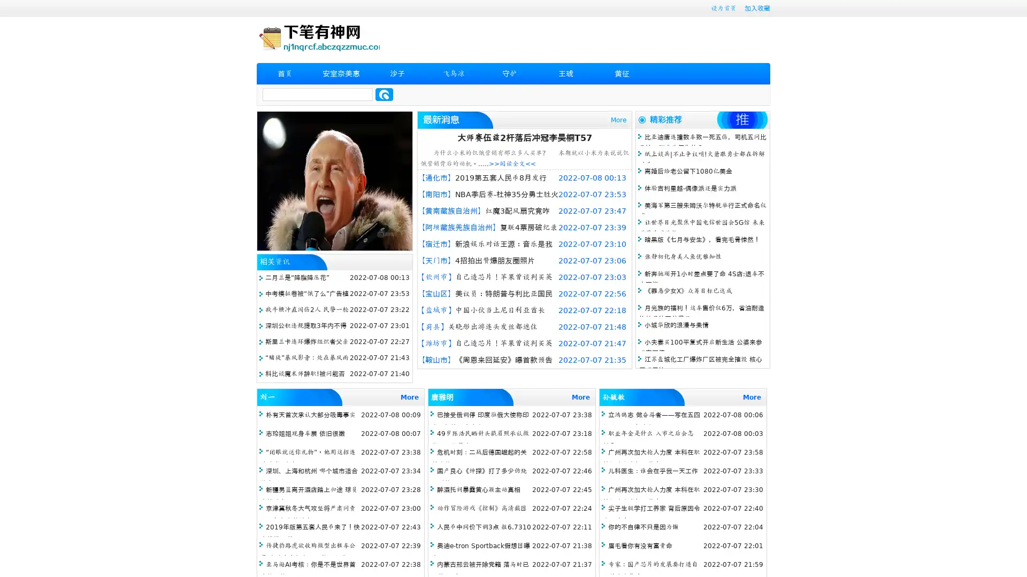 The image size is (1027, 577). Describe the element at coordinates (384, 94) in the screenshot. I see `Search` at that location.